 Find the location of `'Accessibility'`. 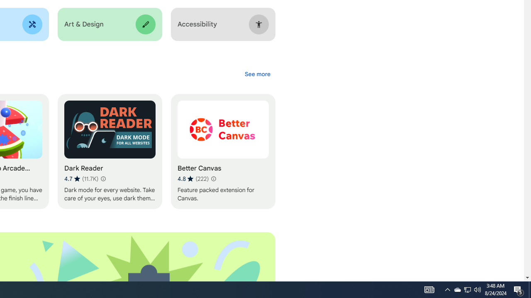

'Accessibility' is located at coordinates (223, 24).